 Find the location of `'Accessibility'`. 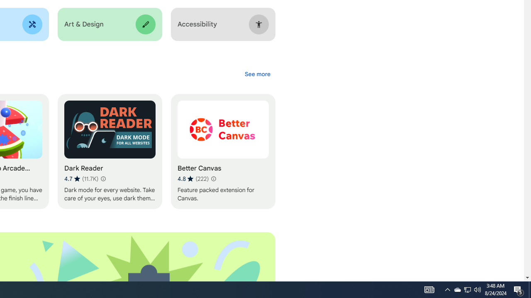

'Accessibility' is located at coordinates (223, 24).